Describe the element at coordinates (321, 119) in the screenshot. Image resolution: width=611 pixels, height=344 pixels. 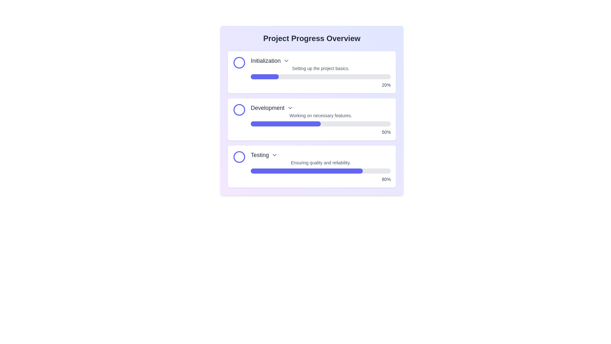
I see `the Progress tracker component that indicates a 50% completion rate for the 'Development' stage, located under the 'Project Progress Overview' header` at that location.